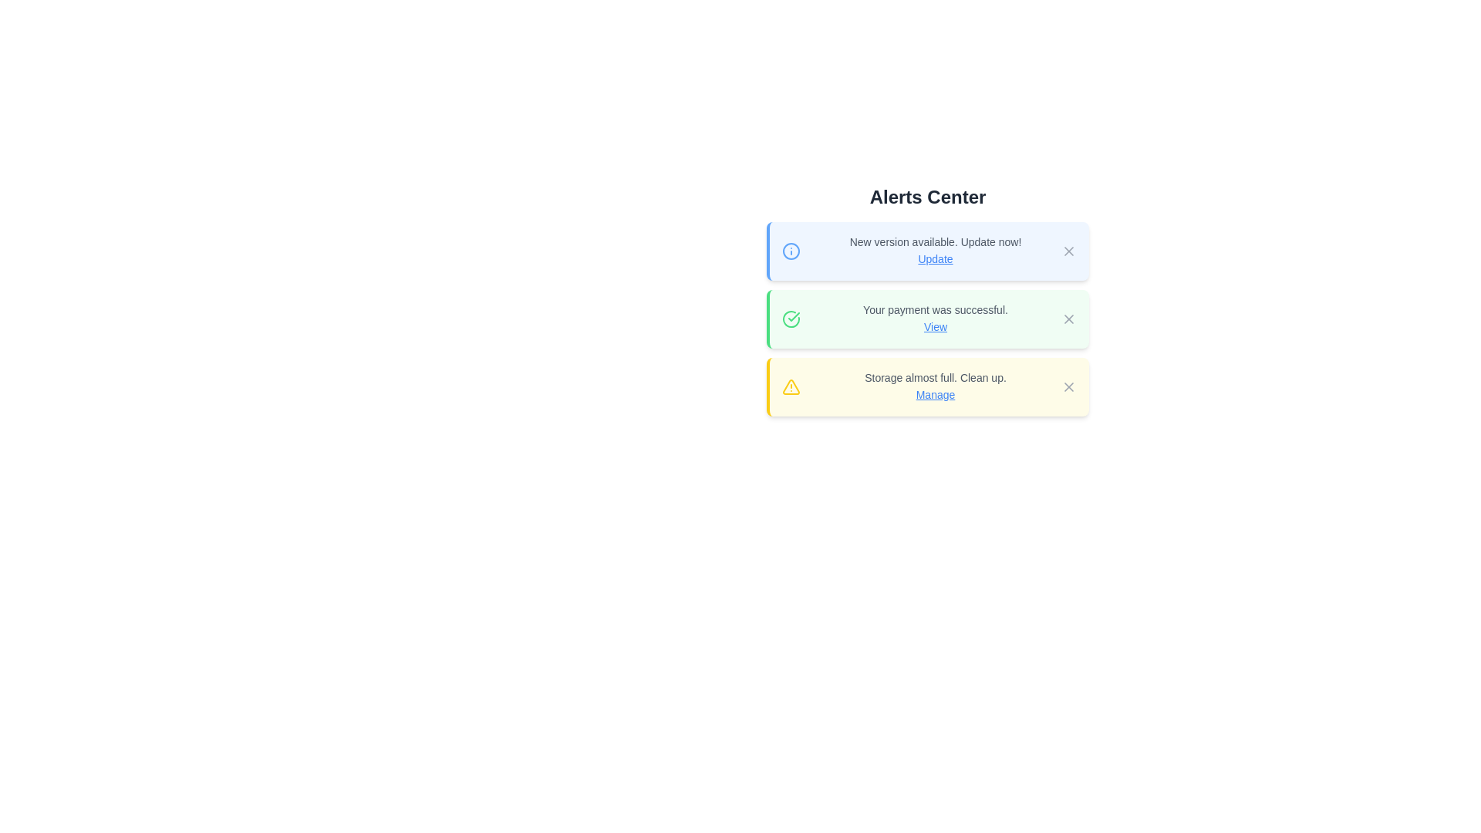 The image size is (1481, 833). What do you see at coordinates (1068, 318) in the screenshot?
I see `the close icon button located at the top-right corner of the green notification card regarding payment success` at bounding box center [1068, 318].